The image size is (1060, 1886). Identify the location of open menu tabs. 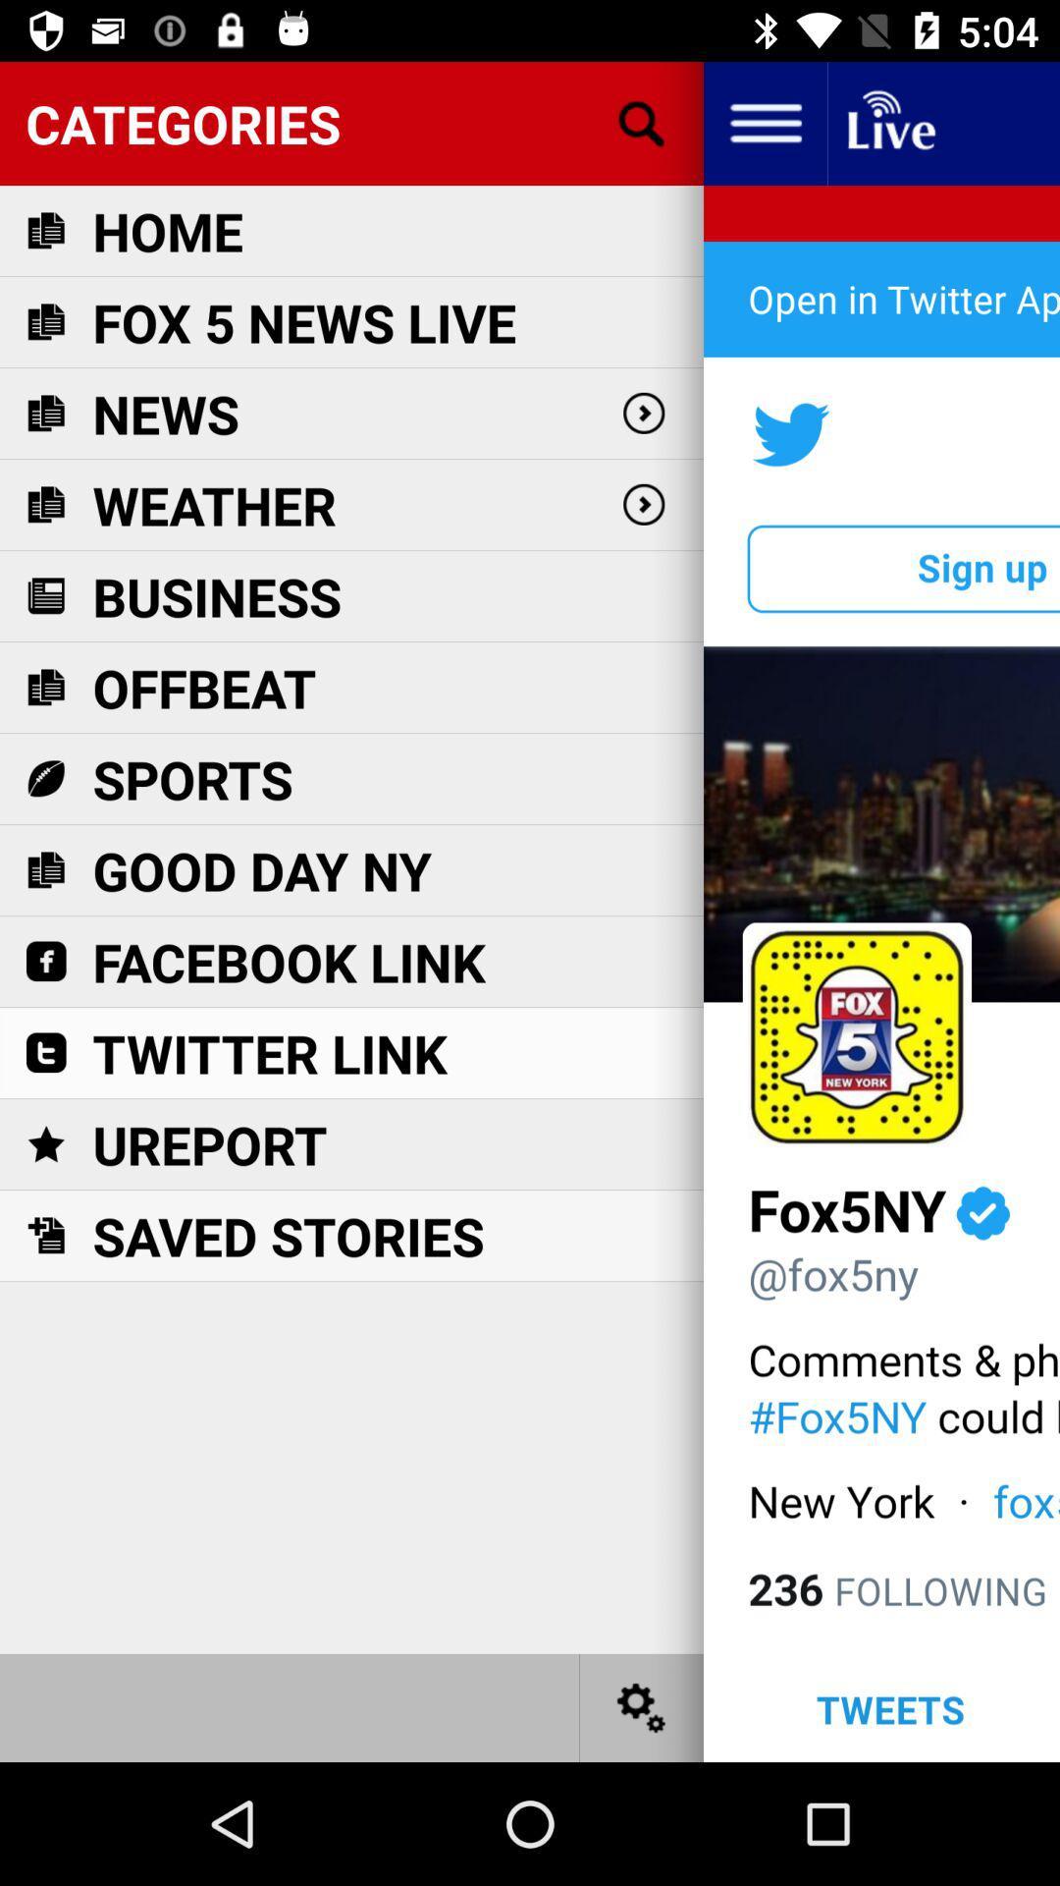
(764, 122).